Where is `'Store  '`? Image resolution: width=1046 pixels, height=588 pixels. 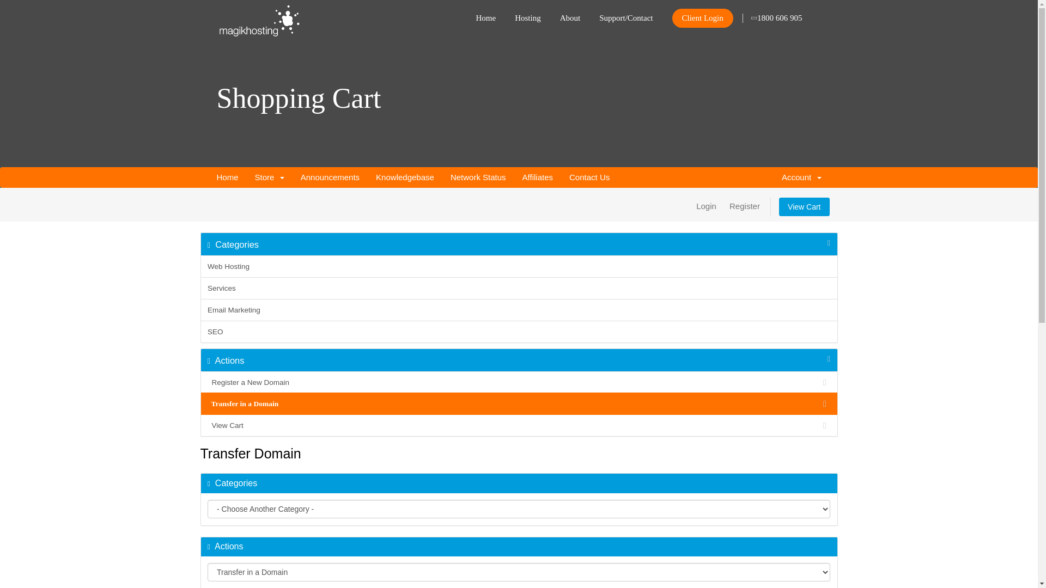
'Store  ' is located at coordinates (269, 177).